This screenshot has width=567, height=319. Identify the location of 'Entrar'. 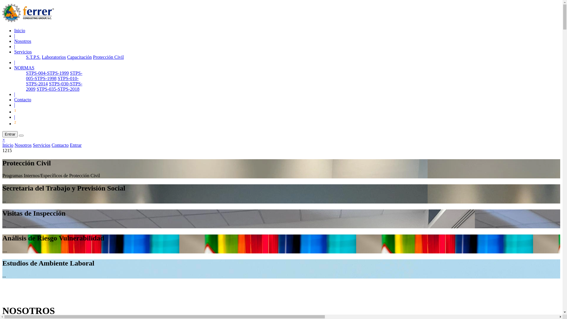
(10, 134).